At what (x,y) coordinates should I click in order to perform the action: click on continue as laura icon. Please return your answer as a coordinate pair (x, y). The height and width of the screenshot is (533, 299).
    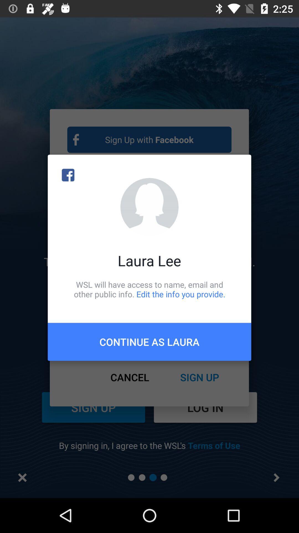
    Looking at the image, I should click on (149, 341).